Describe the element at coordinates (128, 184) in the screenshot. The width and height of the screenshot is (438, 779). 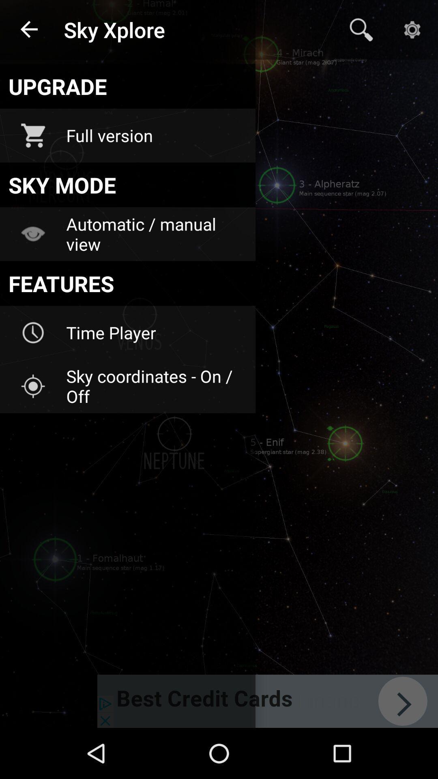
I see `icon below the full version icon` at that location.